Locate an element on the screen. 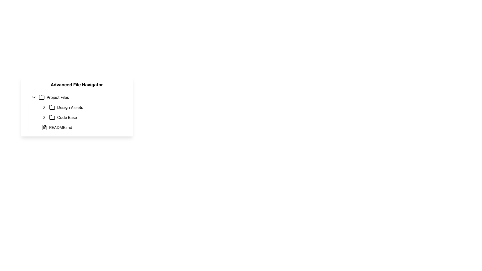  the right-pointing chevron icon located adjacent to the 'Code Base' label is located at coordinates (44, 117).